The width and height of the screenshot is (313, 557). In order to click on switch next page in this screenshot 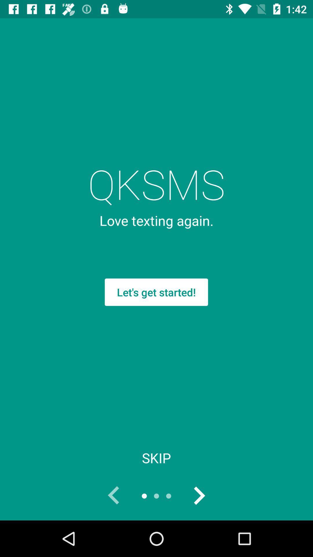, I will do `click(199, 495)`.